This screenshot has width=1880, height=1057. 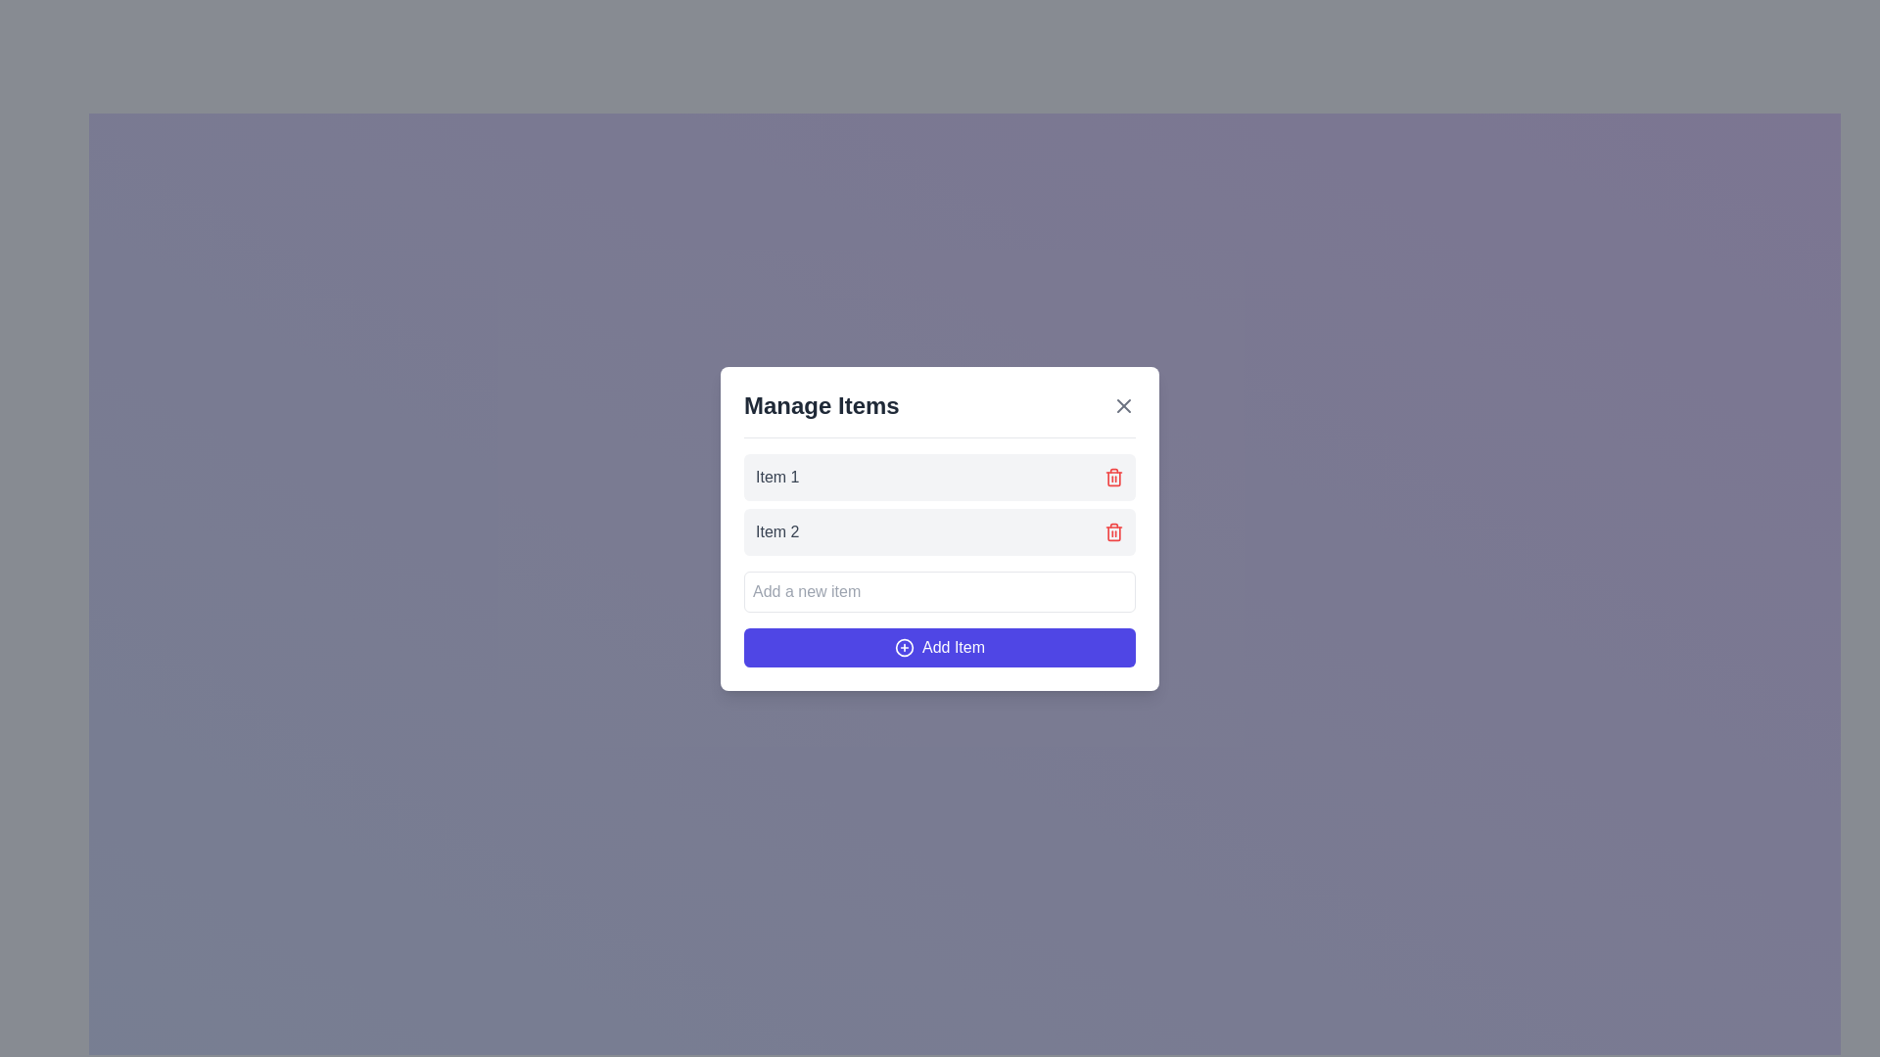 I want to click on the decorative icon located at the center of the 'Add Item' button in the bottom-right corner of the 'Manage Items' modal dialog, so click(x=903, y=647).